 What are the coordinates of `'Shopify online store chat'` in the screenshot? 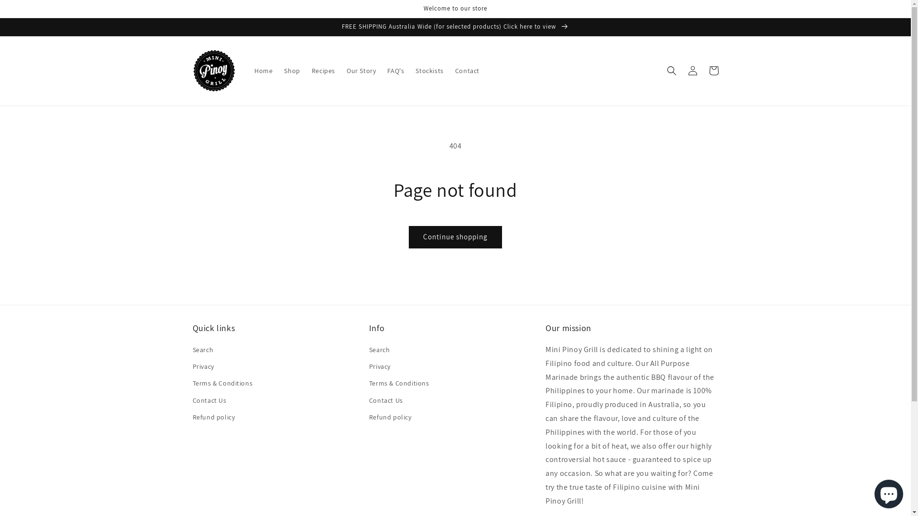 It's located at (872, 492).